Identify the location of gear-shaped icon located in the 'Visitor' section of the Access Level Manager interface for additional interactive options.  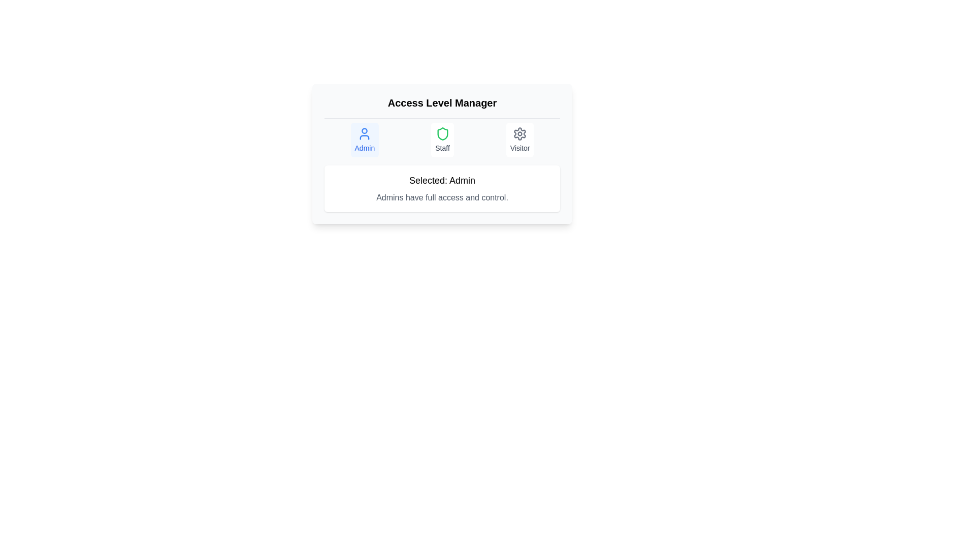
(519, 133).